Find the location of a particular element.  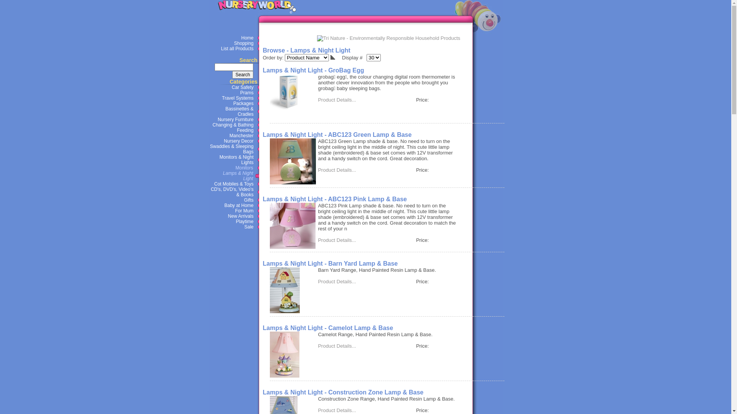

'Sale' is located at coordinates (233, 226).